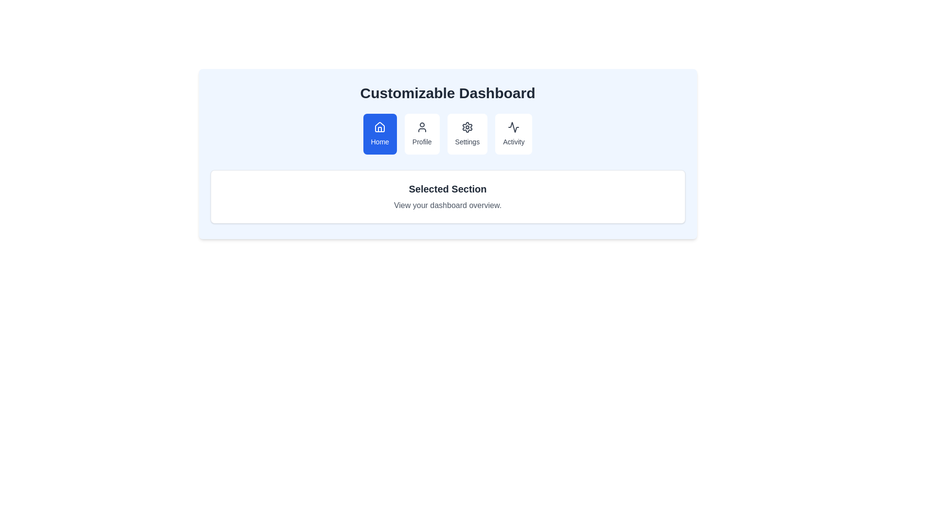  I want to click on 'Activity' text label, which is styled in a smaller font size and grayish color, located beneath the activity waveform icon on the rightmost card of the dashboard section, so click(513, 142).